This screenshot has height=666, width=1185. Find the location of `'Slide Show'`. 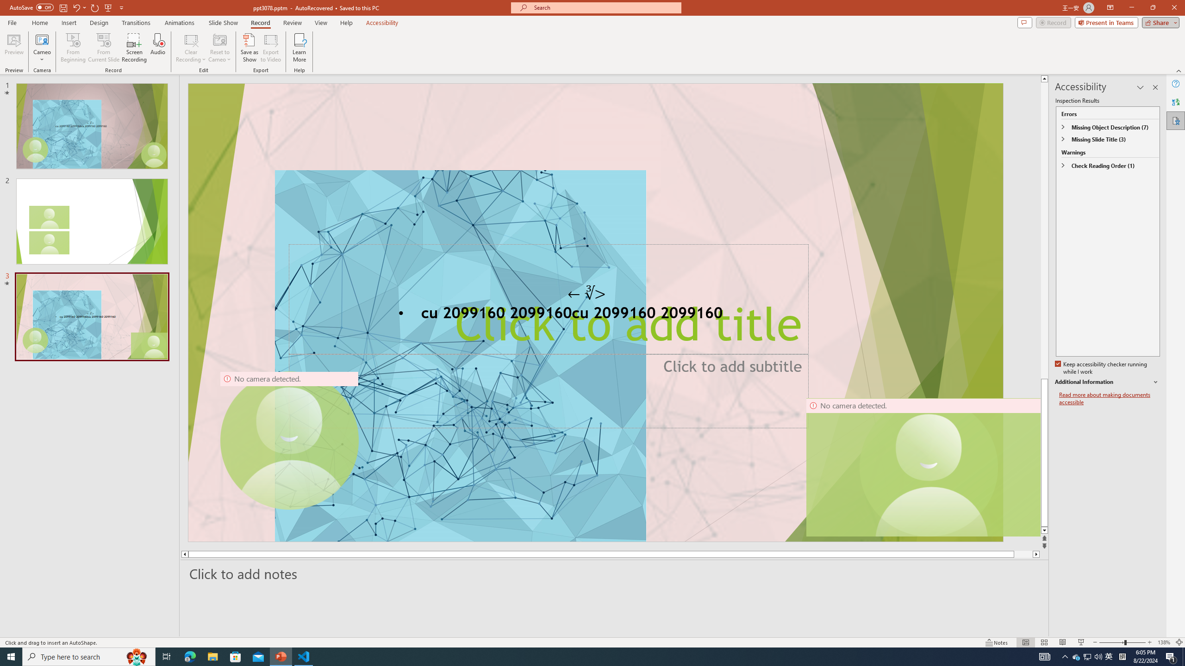

'Slide Show' is located at coordinates (223, 23).